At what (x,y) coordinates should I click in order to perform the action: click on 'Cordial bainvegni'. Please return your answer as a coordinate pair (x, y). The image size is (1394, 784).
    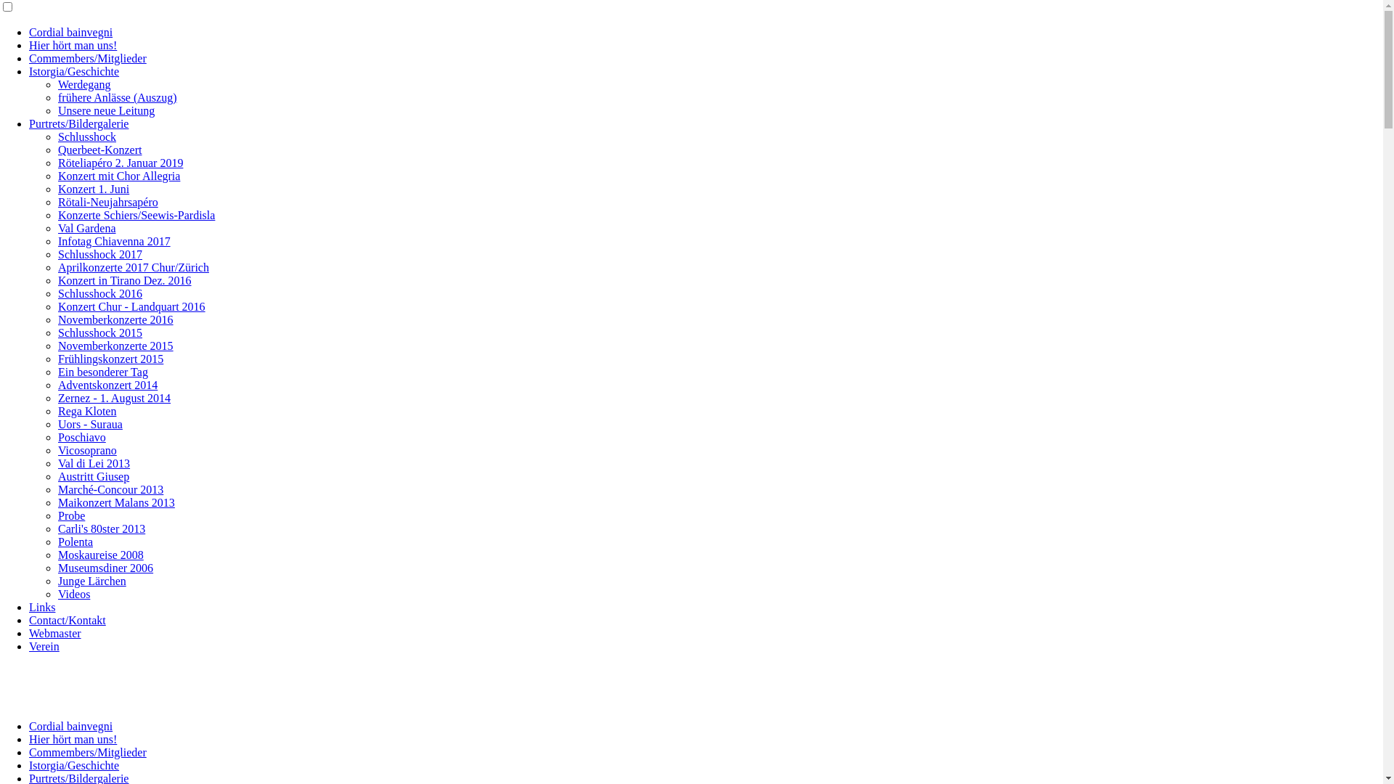
    Looking at the image, I should click on (28, 32).